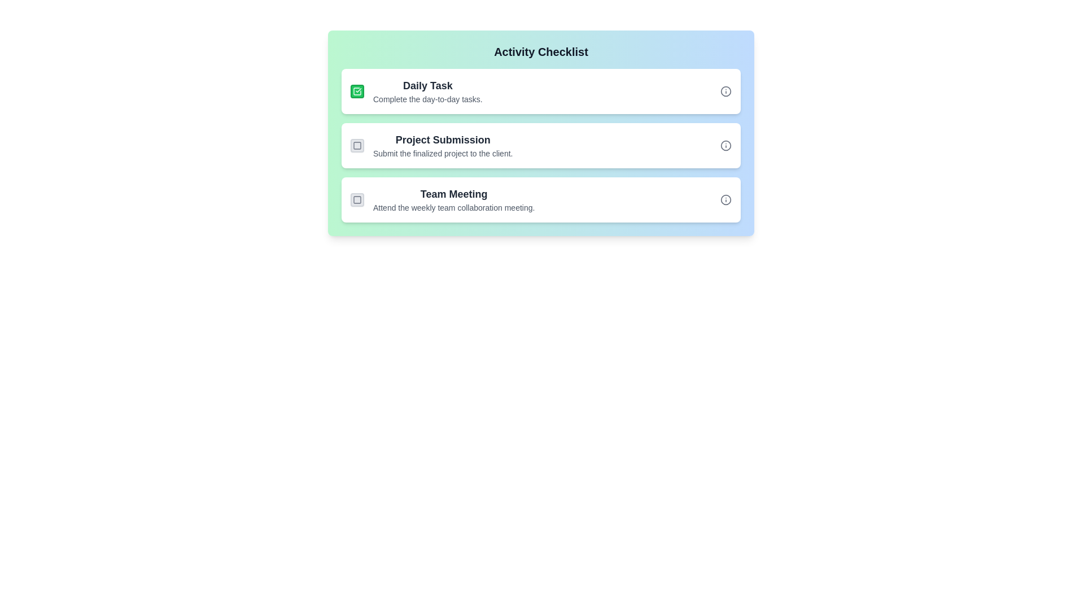 Image resolution: width=1084 pixels, height=610 pixels. Describe the element at coordinates (357, 91) in the screenshot. I see `the checkbox with a green background and a white border, located to the left of the 'Daily Task' label` at that location.